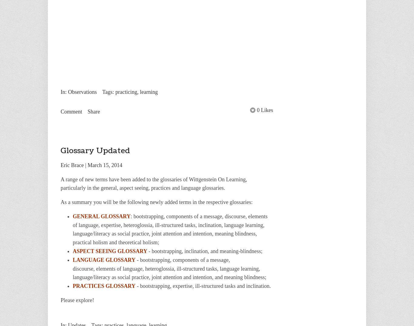 The image size is (414, 326). What do you see at coordinates (72, 165) in the screenshot?
I see `'Eric Brace'` at bounding box center [72, 165].